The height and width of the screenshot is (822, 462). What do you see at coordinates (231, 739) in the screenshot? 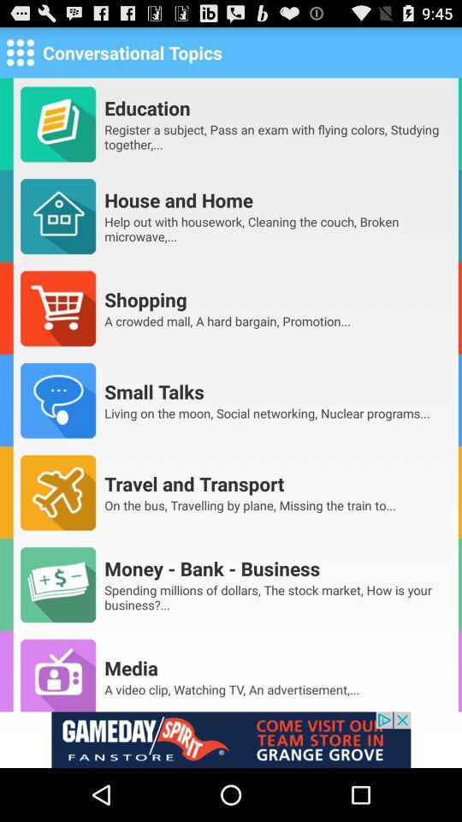
I see `advertisement` at bounding box center [231, 739].